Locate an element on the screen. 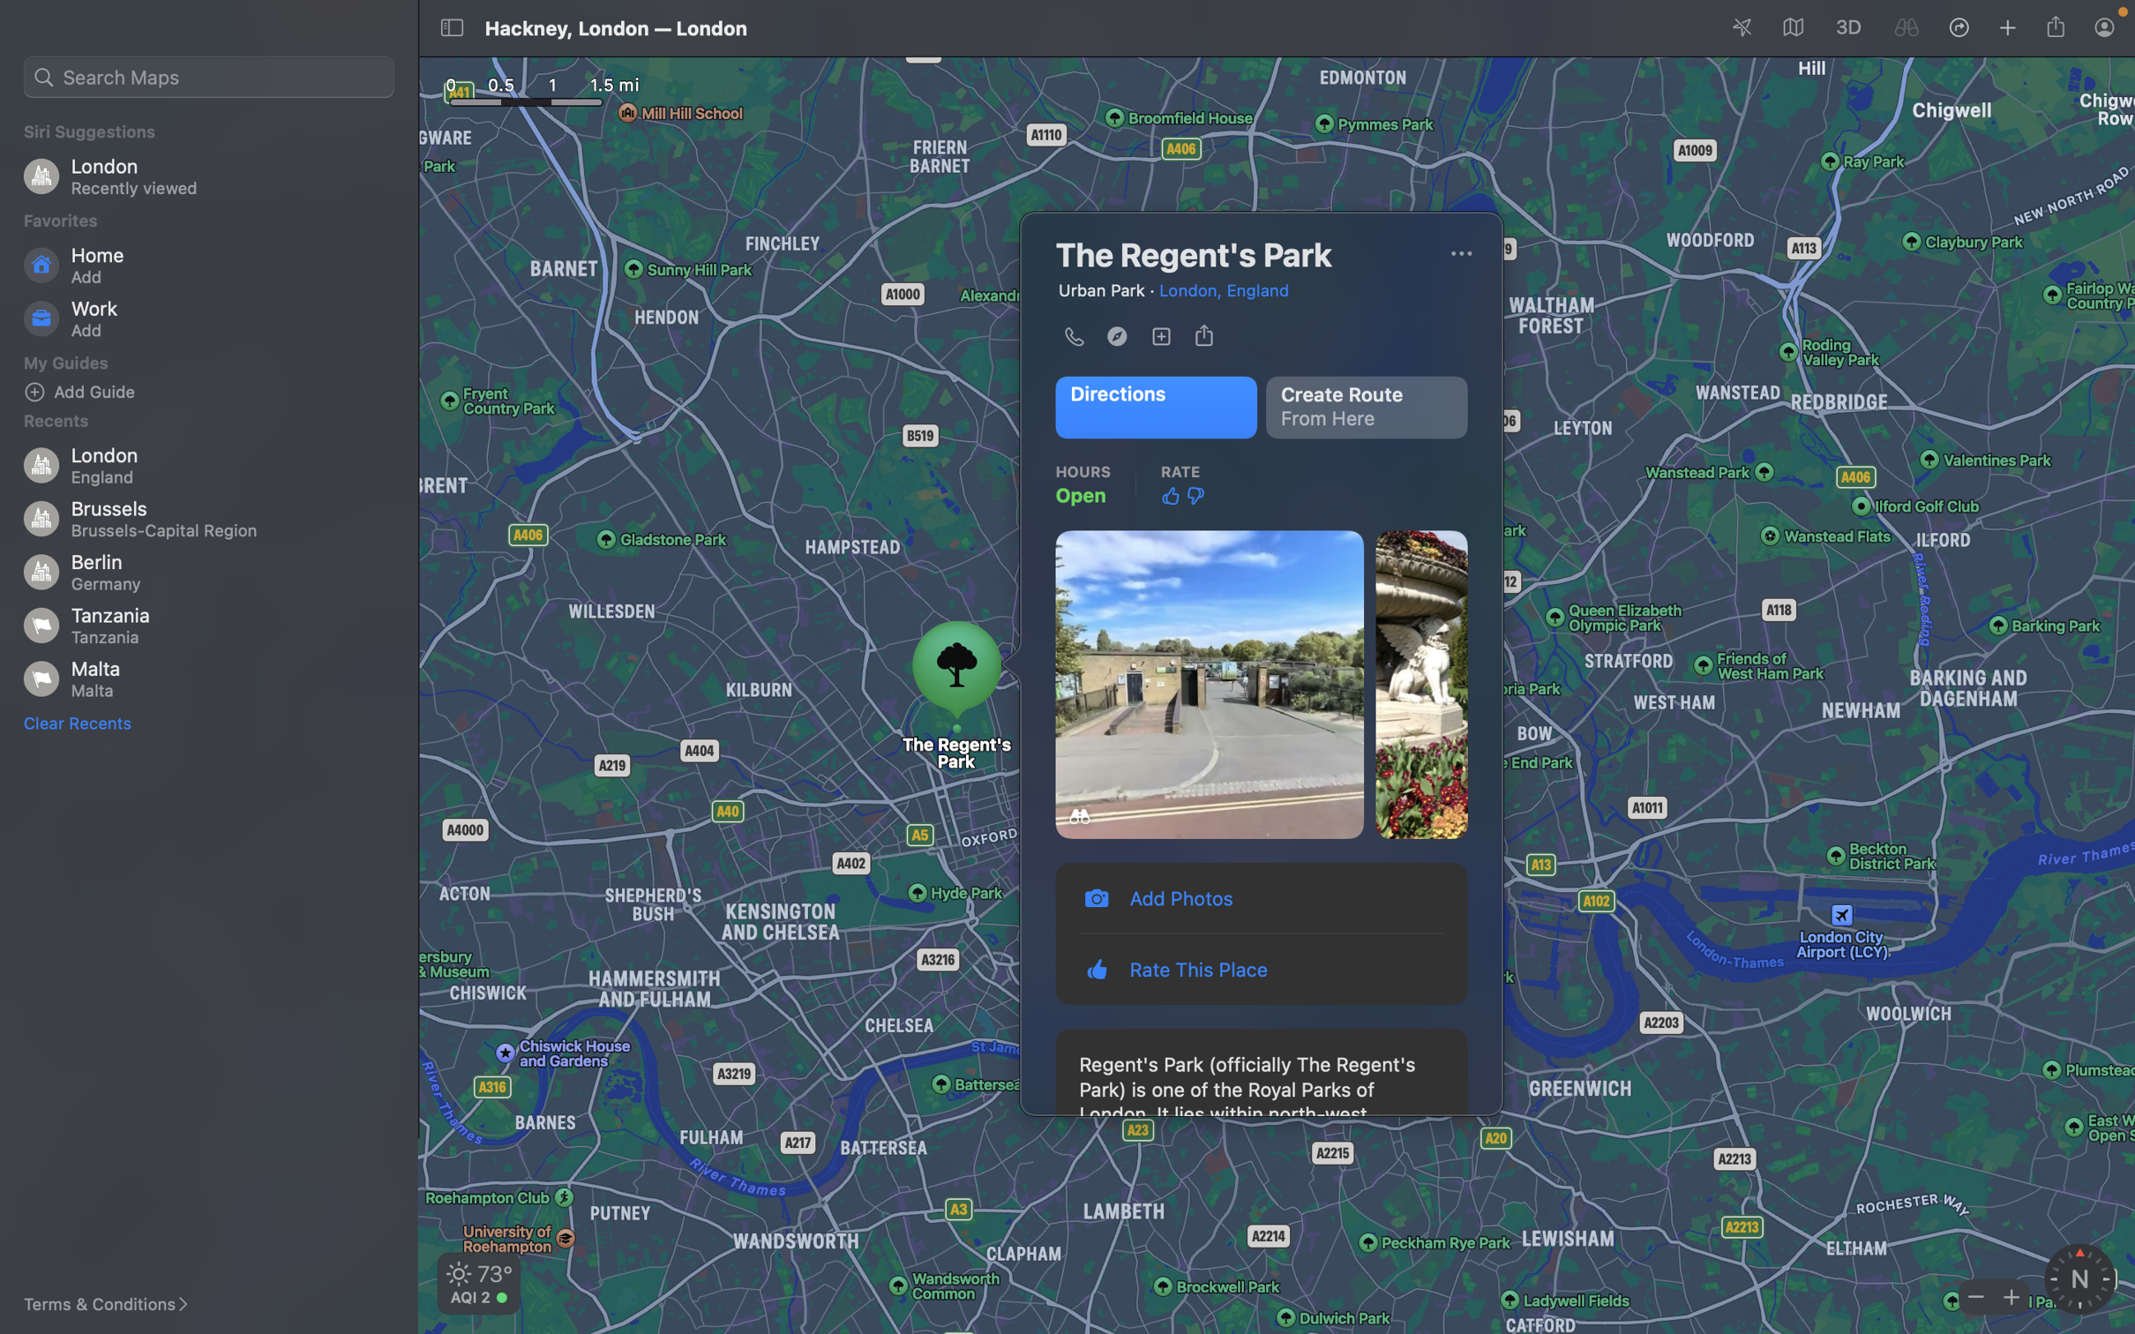 This screenshot has height=1334, width=2135. Add a photo of the place by clicking on the "add photos" button is located at coordinates (1262, 896).